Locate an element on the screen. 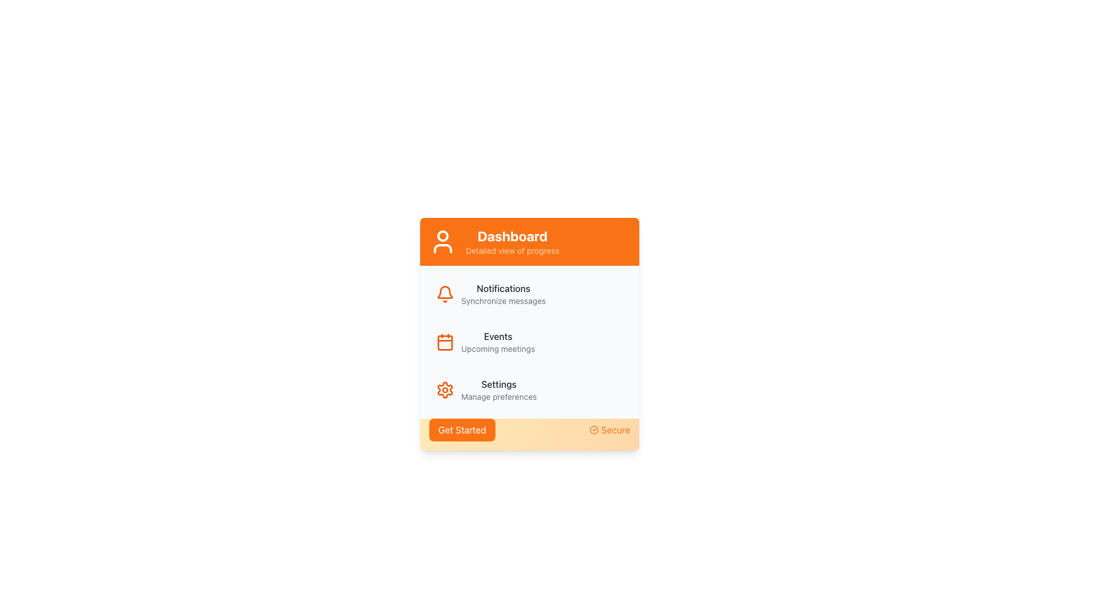 The image size is (1096, 616). the descriptive subheading label that provides additional context for the 'Dashboard' section, located directly below the 'Dashboard' title text is located at coordinates (511, 250).